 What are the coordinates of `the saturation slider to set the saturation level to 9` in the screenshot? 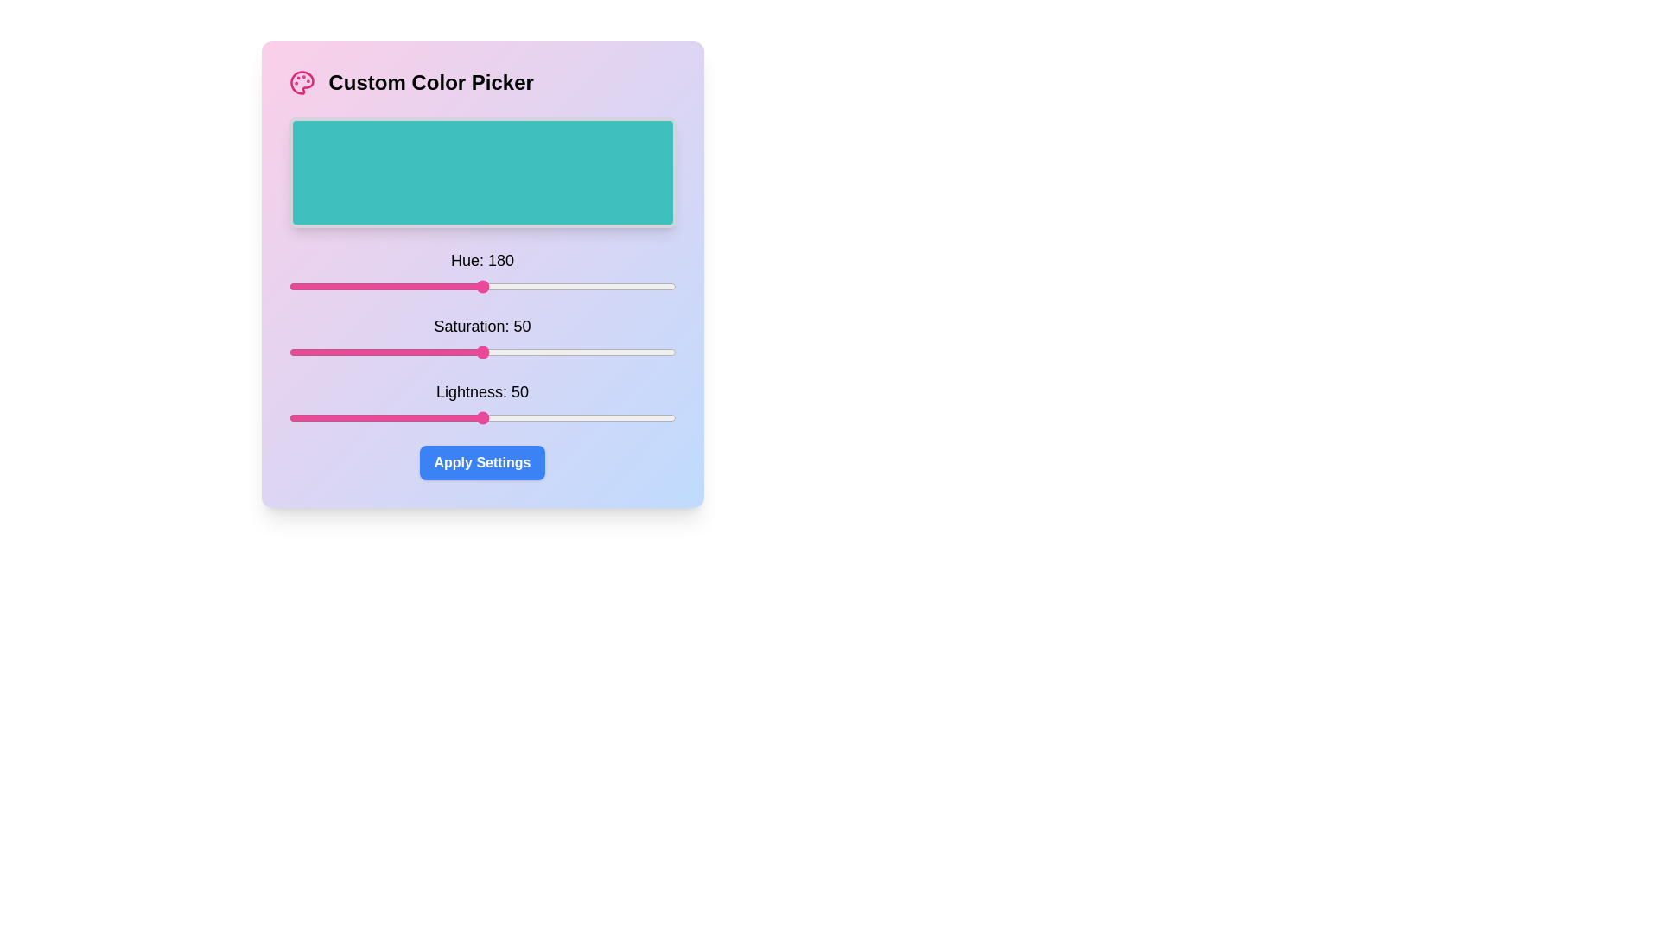 It's located at (323, 352).